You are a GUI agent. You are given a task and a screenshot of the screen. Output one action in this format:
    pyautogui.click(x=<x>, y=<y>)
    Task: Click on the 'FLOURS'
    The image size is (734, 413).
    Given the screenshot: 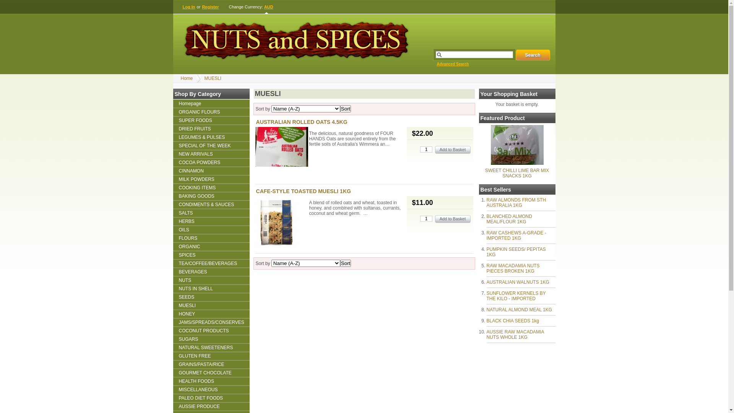 What is the action you would take?
    pyautogui.click(x=172, y=238)
    